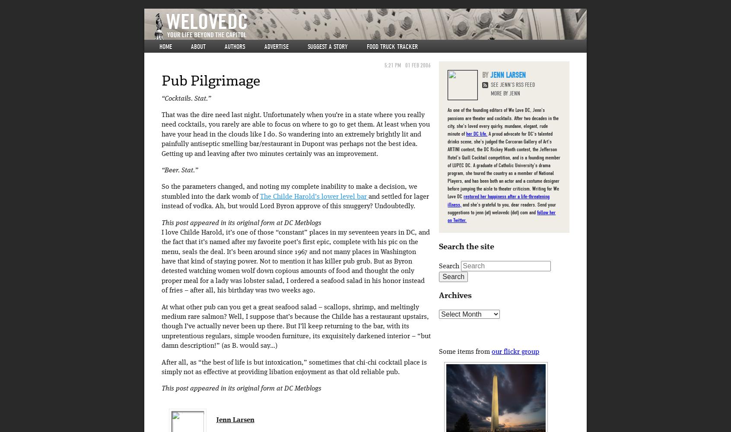 This screenshot has height=432, width=731. What do you see at coordinates (501, 207) in the screenshot?
I see `'and she's grateful to you, dear readers. Send your suggestions to jenn (at) welovedc (dot) com and'` at bounding box center [501, 207].